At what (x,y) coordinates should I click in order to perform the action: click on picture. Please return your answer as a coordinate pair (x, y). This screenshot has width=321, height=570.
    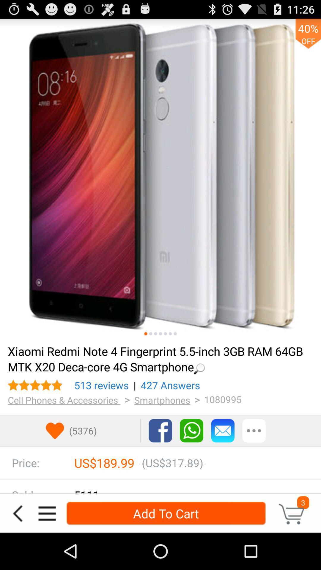
    Looking at the image, I should click on (170, 334).